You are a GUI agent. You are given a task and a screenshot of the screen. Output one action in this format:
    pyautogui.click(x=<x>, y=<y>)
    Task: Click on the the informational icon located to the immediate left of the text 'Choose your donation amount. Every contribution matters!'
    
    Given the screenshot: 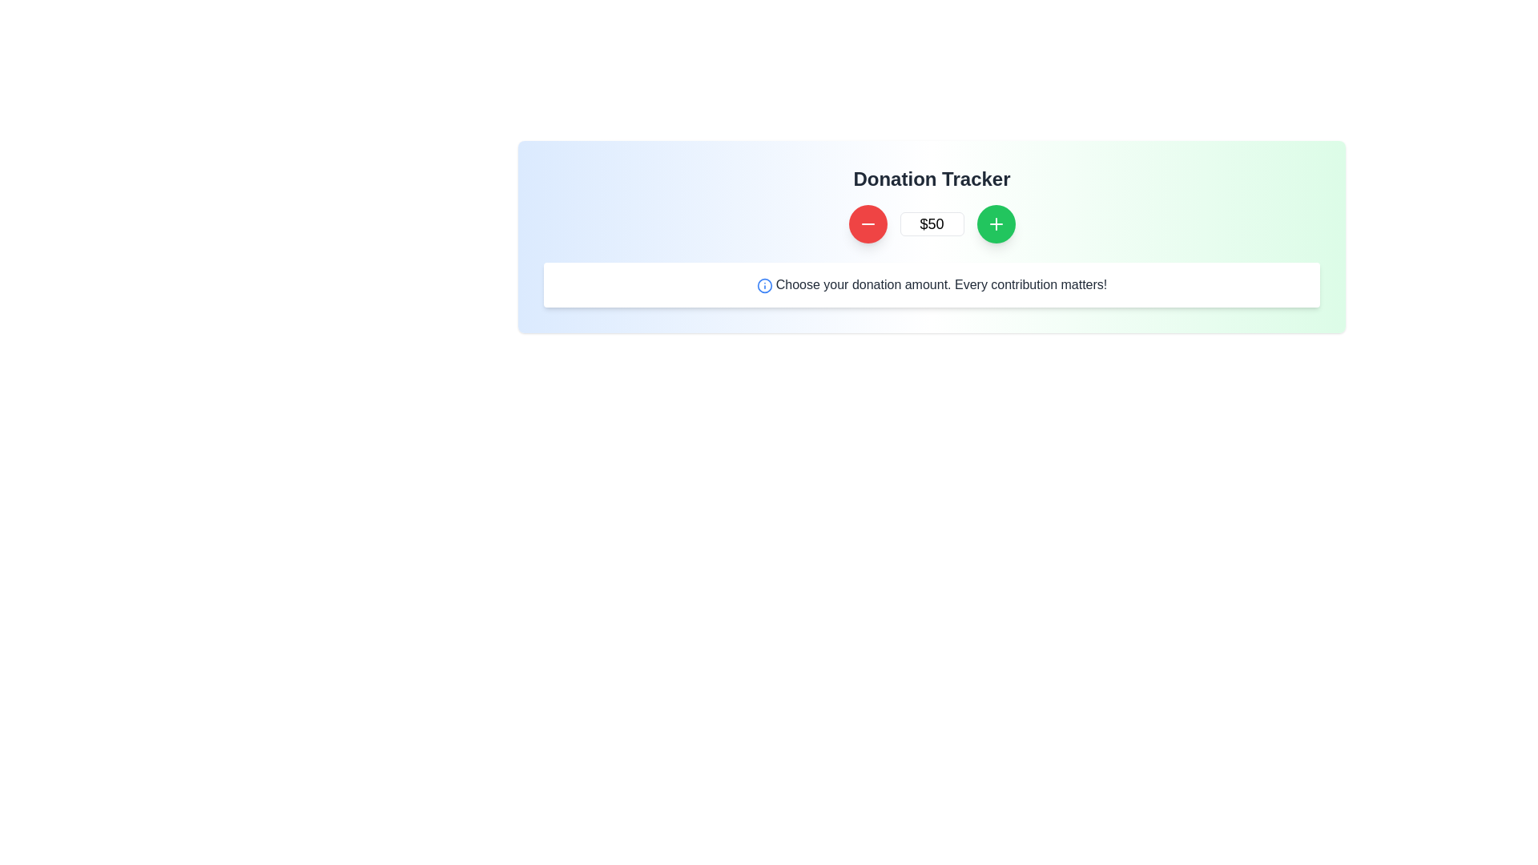 What is the action you would take?
    pyautogui.click(x=763, y=284)
    